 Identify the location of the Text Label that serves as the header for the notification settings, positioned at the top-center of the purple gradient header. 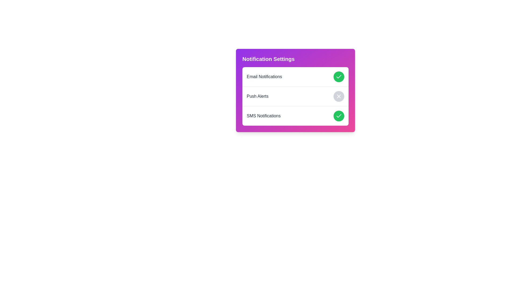
(268, 59).